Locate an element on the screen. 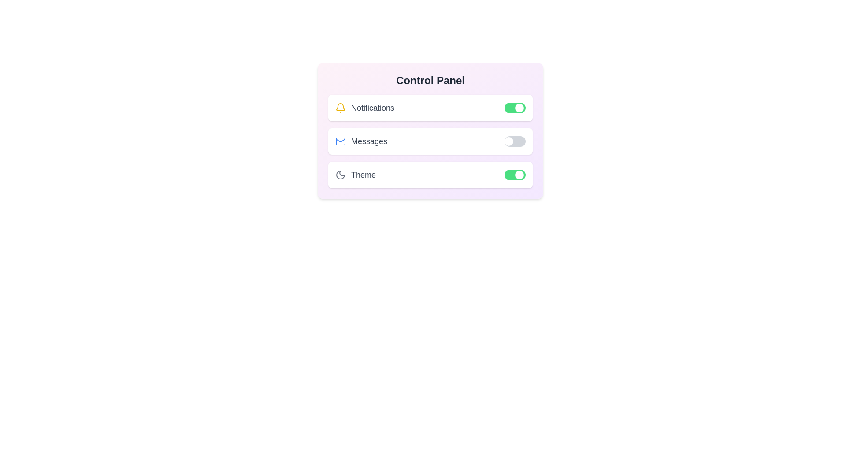 This screenshot has width=846, height=476. the toggle switch knob located at the right side of the green toggle switch in the last row of the control panel labeled 'Theme' is located at coordinates (519, 175).